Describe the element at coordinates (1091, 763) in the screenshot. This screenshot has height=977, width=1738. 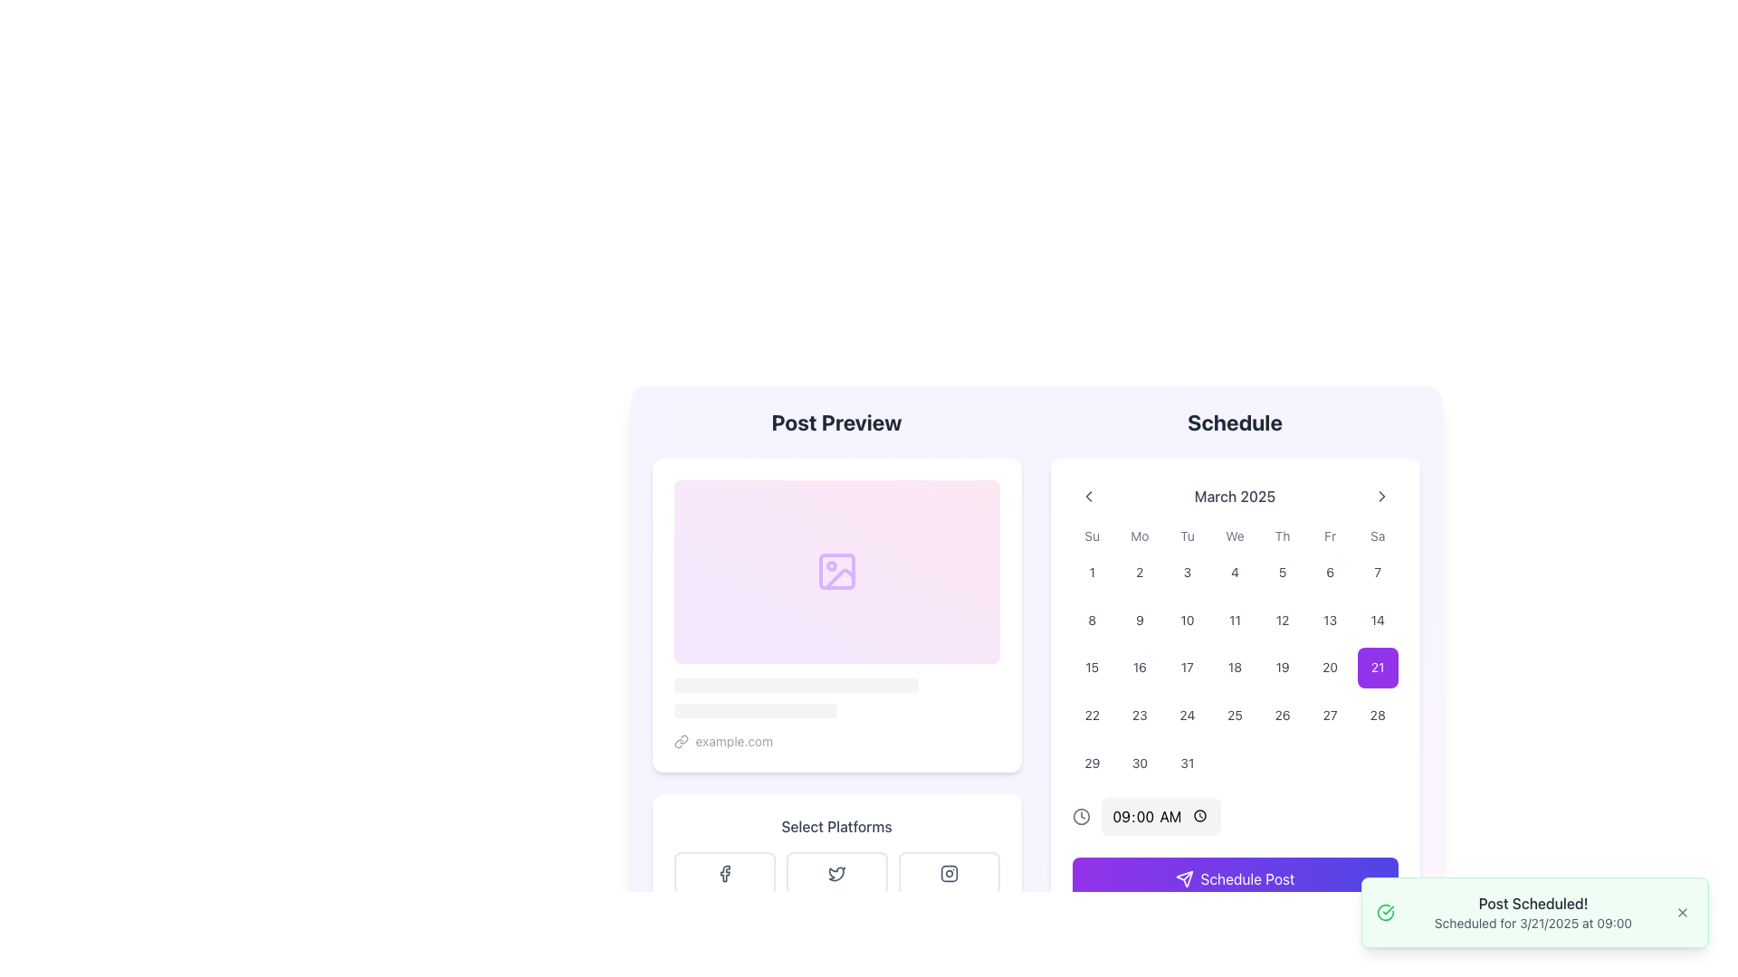
I see `the interactive calendar date button displaying the number '29', located in the first column of the second-to-last row in a 7-column grid within the March 2025 calendar interface, for potential visual feedback` at that location.